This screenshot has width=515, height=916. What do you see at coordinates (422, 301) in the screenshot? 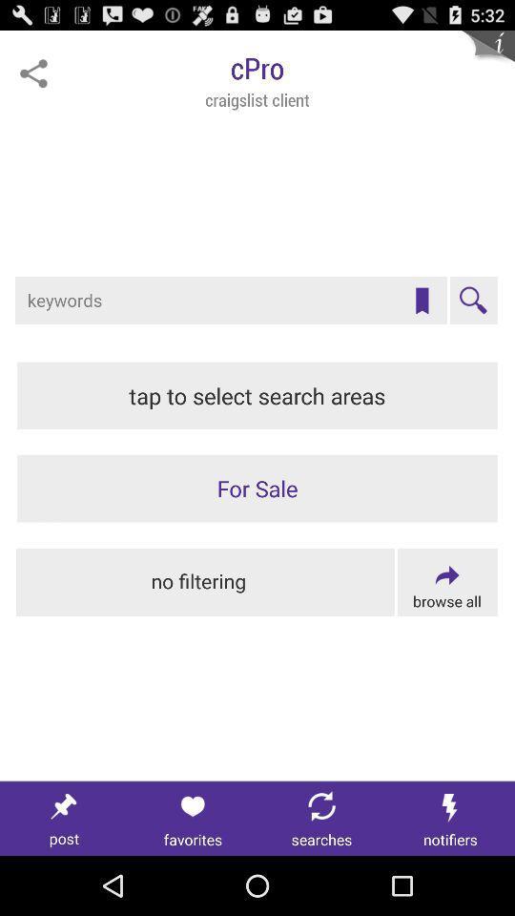
I see `the item below the cpro item` at bounding box center [422, 301].